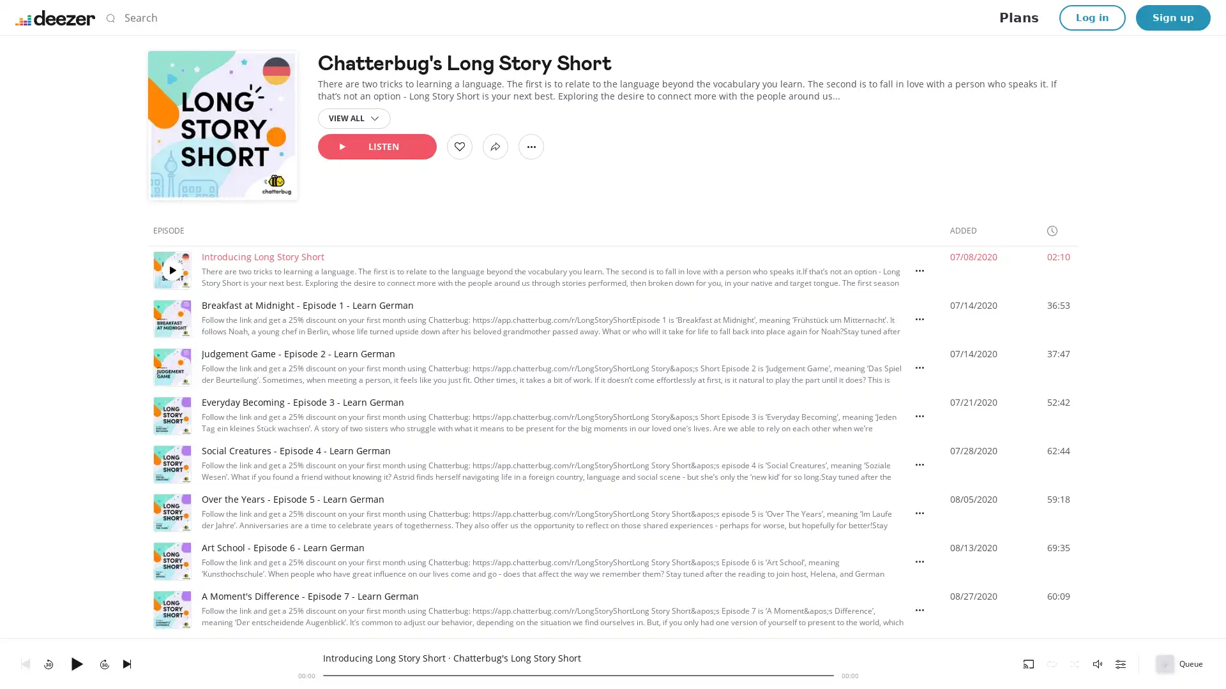 The height and width of the screenshot is (689, 1226). I want to click on Skip ahead 30 seconds, so click(104, 663).